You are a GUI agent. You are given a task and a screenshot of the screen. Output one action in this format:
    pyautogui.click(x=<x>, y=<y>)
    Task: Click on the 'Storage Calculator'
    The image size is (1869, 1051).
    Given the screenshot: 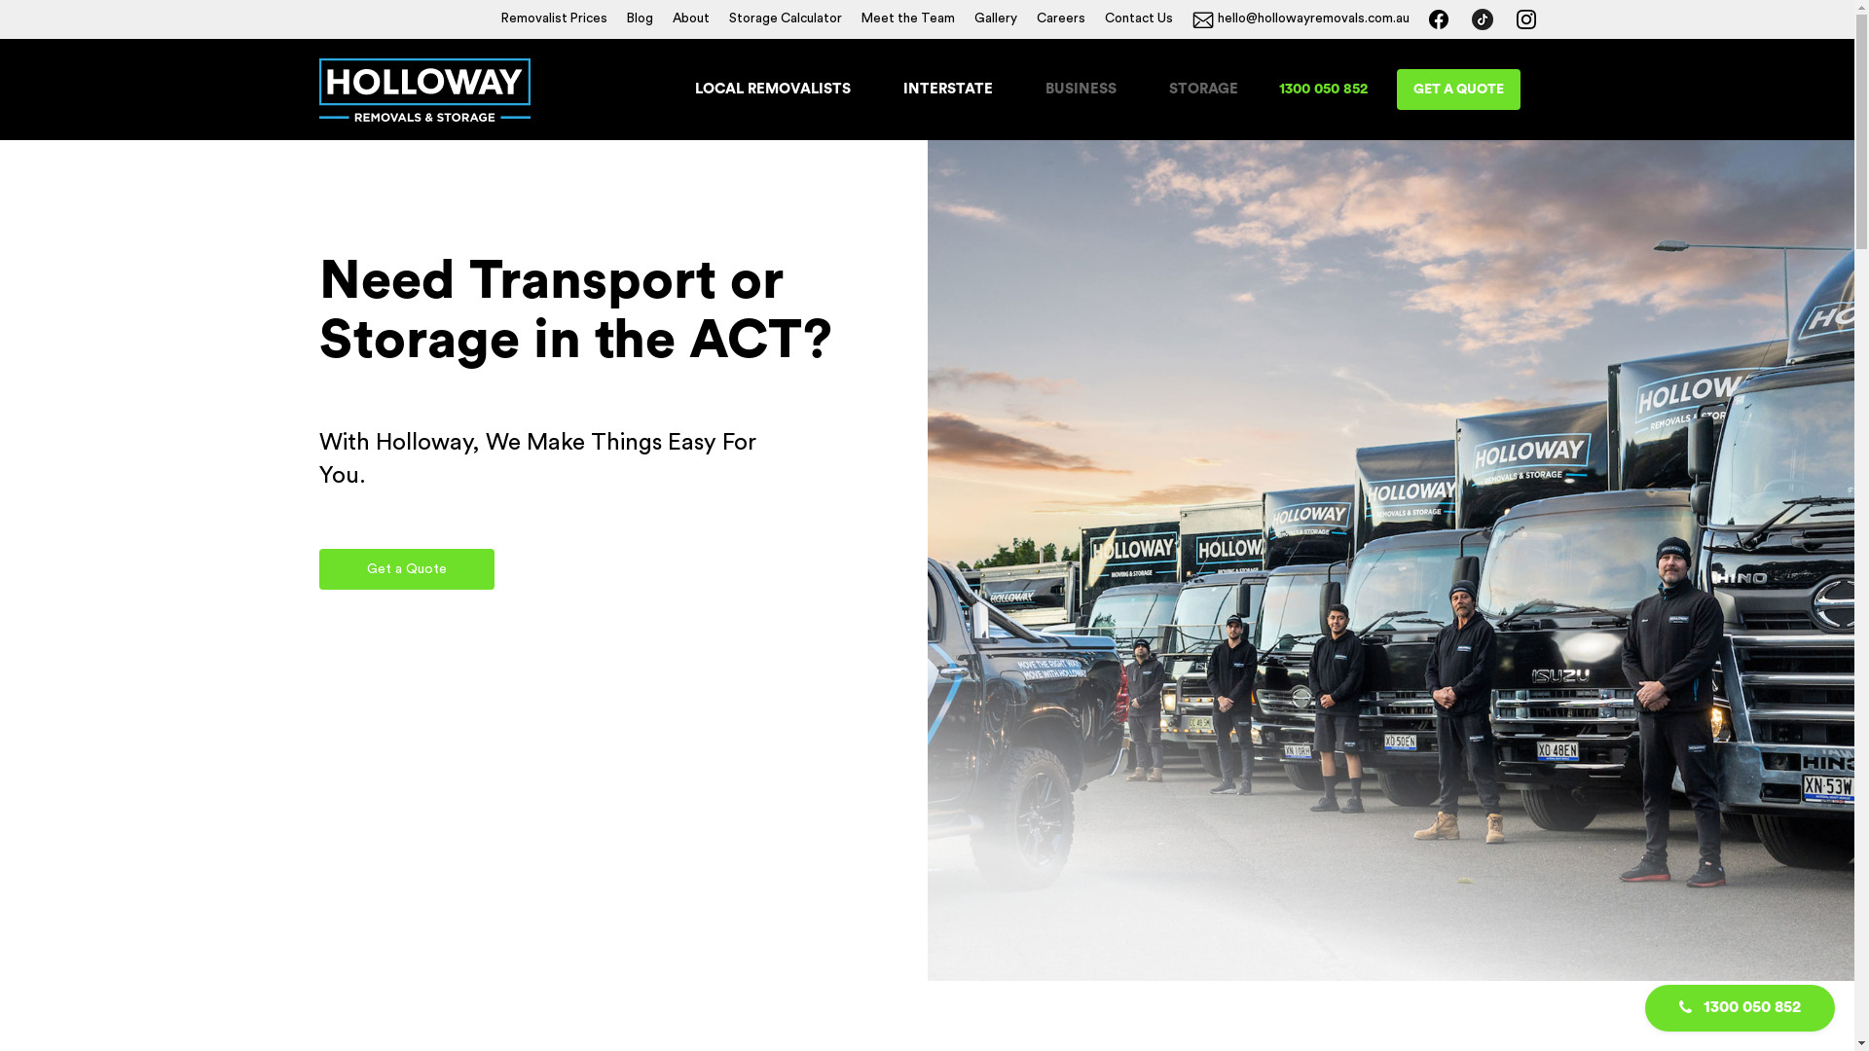 What is the action you would take?
    pyautogui.click(x=724, y=18)
    